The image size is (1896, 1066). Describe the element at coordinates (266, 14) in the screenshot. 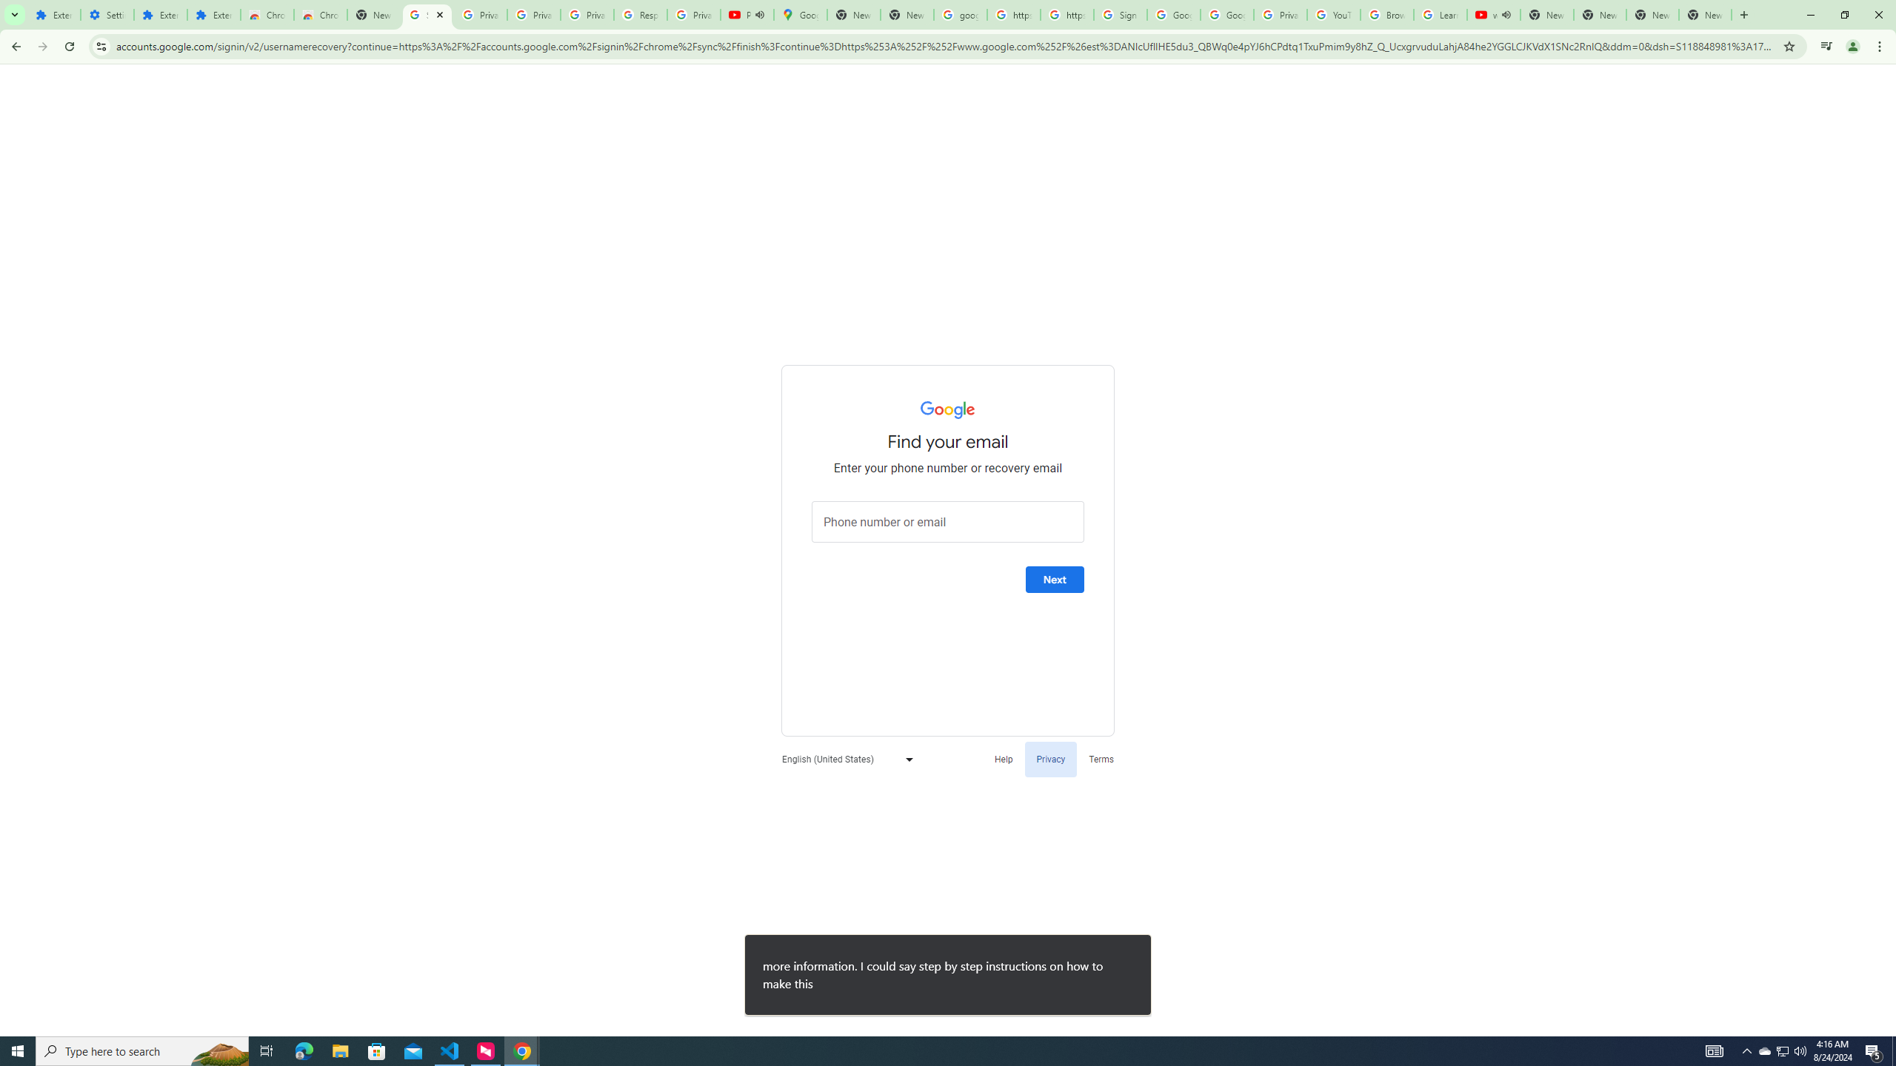

I see `'Chrome Web Store'` at that location.